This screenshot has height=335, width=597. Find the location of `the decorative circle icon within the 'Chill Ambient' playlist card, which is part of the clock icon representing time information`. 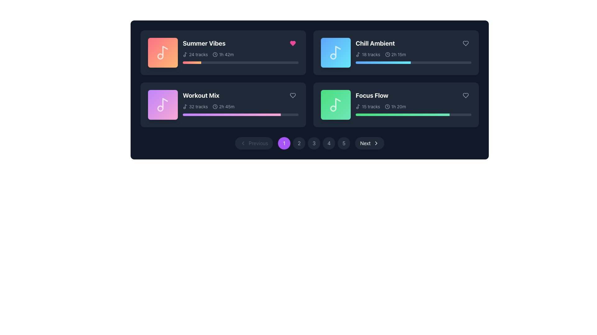

the decorative circle icon within the 'Chill Ambient' playlist card, which is part of the clock icon representing time information is located at coordinates (387, 54).